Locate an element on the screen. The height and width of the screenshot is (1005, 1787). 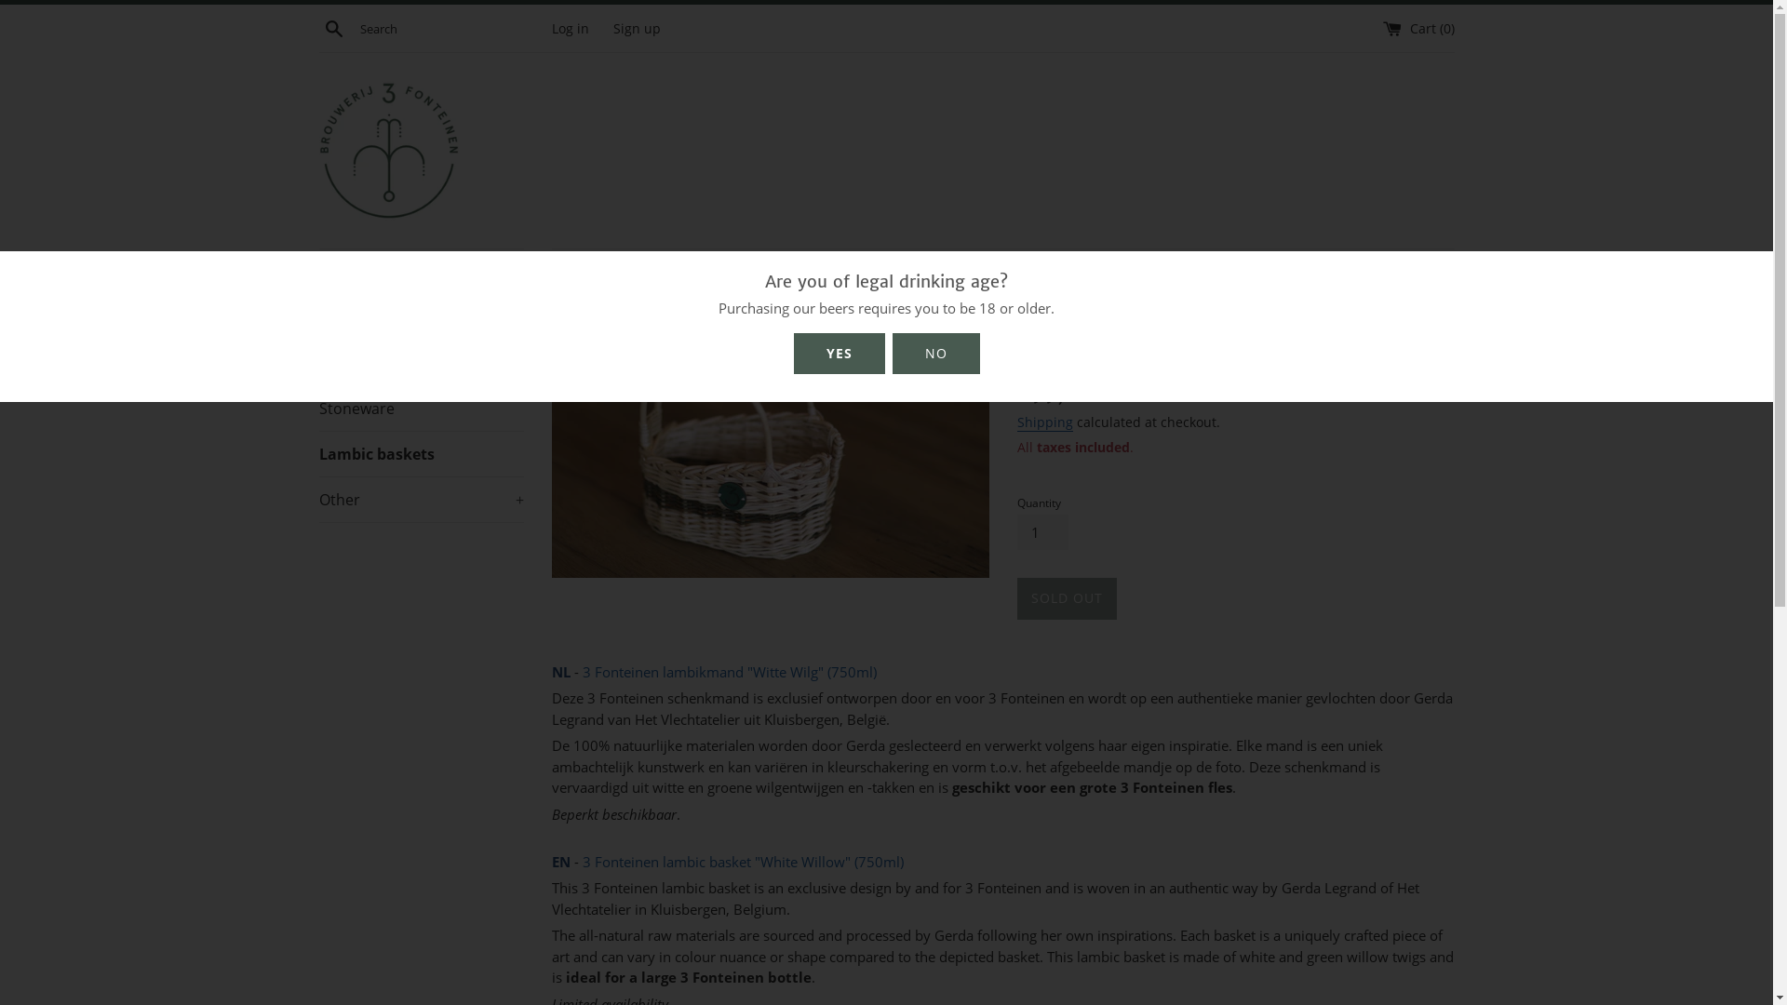
'Garment is located at coordinates (419, 315).